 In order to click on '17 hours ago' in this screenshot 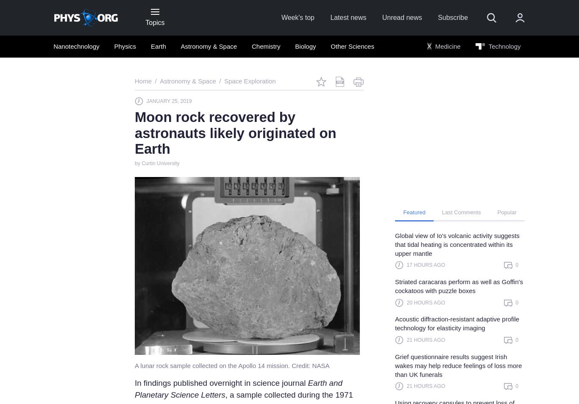, I will do `click(426, 265)`.